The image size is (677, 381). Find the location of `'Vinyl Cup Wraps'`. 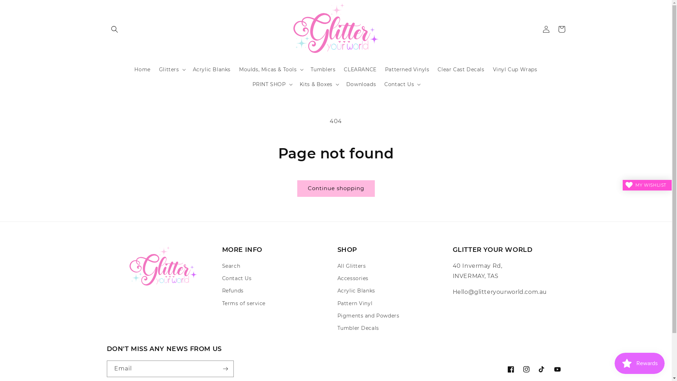

'Vinyl Cup Wraps' is located at coordinates (515, 69).